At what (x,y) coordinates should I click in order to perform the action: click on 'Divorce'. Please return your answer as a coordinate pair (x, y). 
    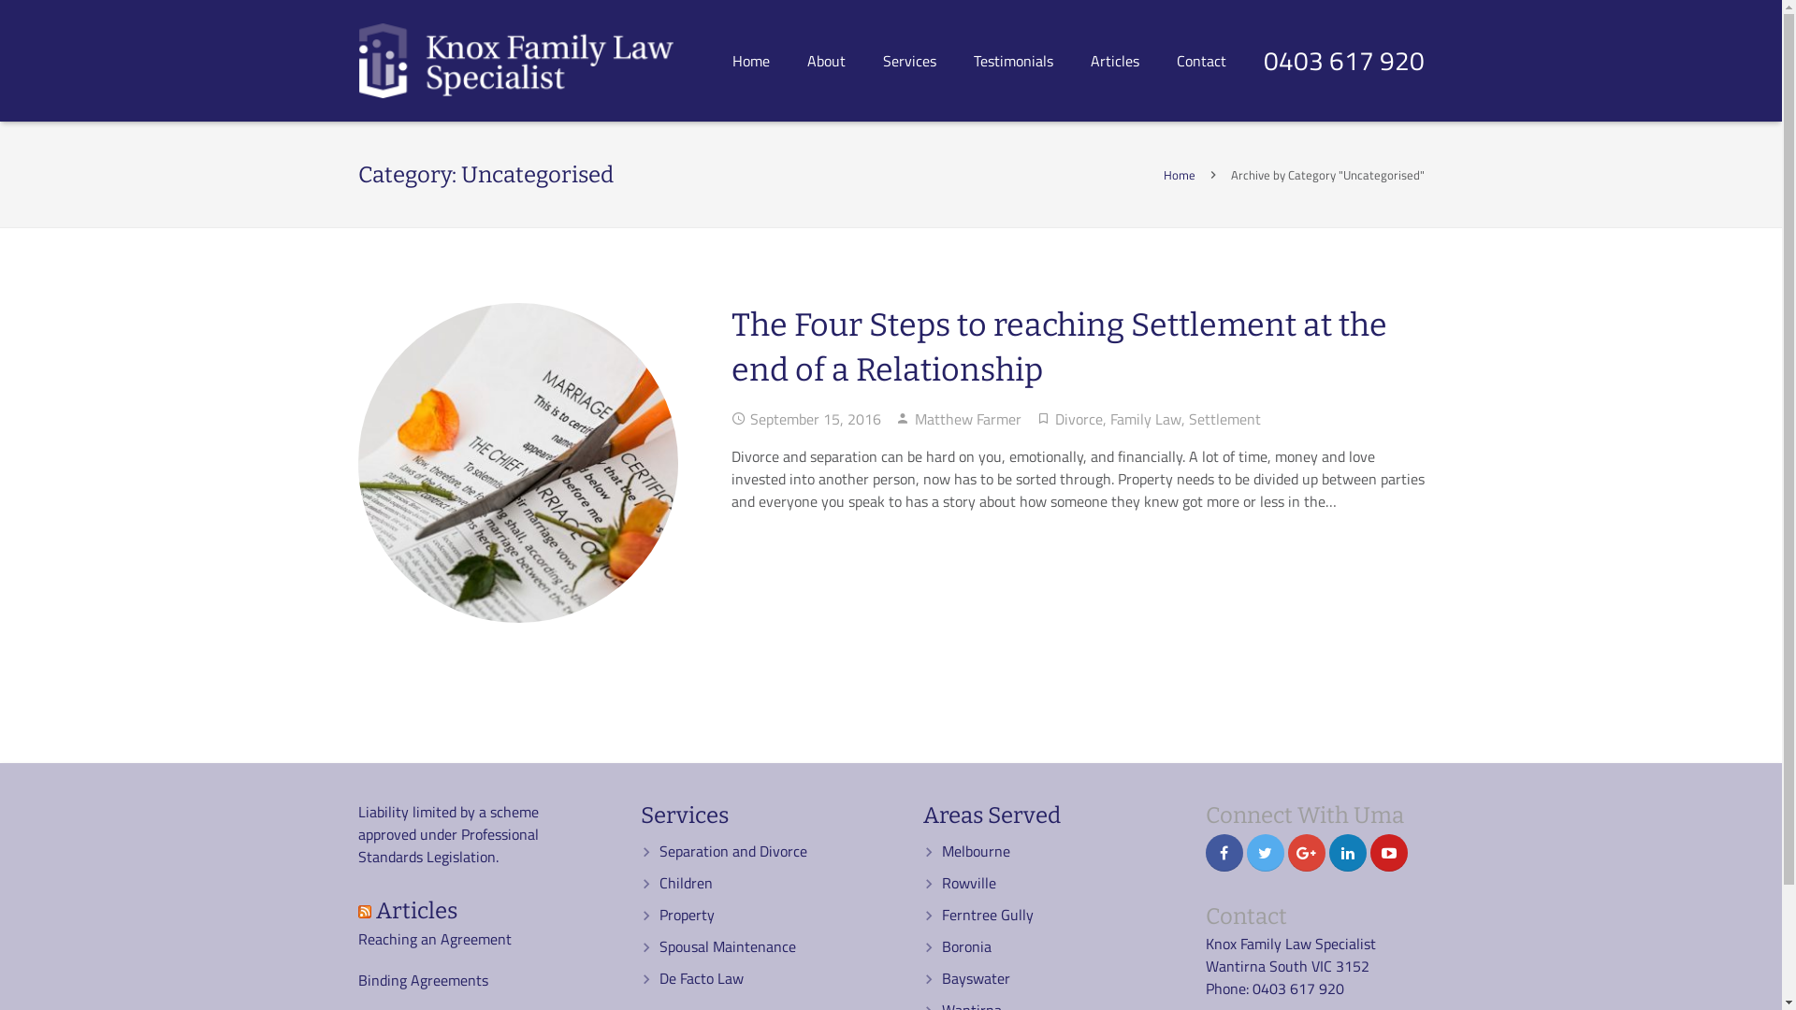
    Looking at the image, I should click on (1079, 417).